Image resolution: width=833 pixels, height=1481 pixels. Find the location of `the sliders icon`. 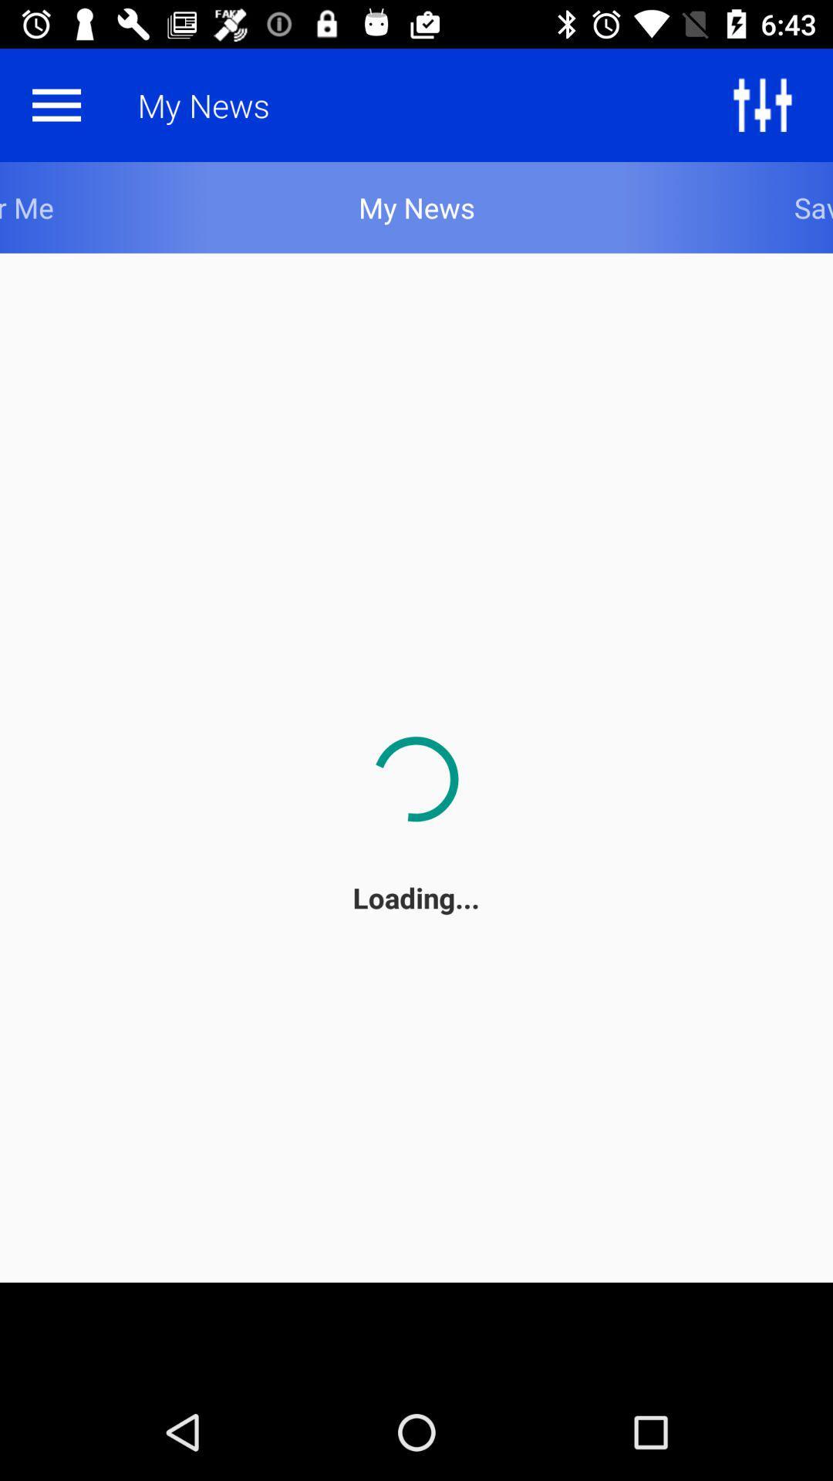

the sliders icon is located at coordinates (761, 104).